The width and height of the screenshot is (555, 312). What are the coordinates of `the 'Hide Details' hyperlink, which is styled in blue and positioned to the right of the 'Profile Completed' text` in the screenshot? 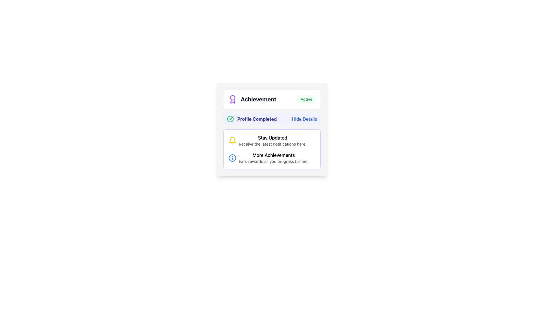 It's located at (304, 119).